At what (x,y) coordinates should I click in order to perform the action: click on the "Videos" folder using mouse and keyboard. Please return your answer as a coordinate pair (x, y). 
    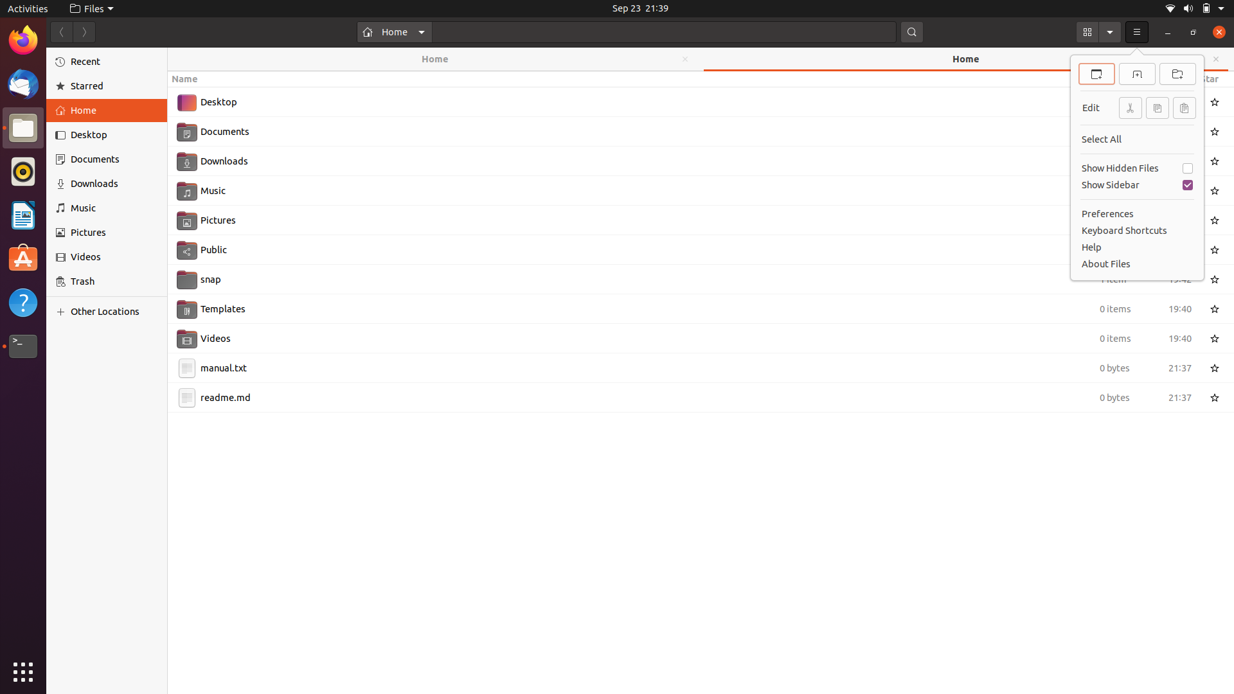
    Looking at the image, I should click on (686, 336).